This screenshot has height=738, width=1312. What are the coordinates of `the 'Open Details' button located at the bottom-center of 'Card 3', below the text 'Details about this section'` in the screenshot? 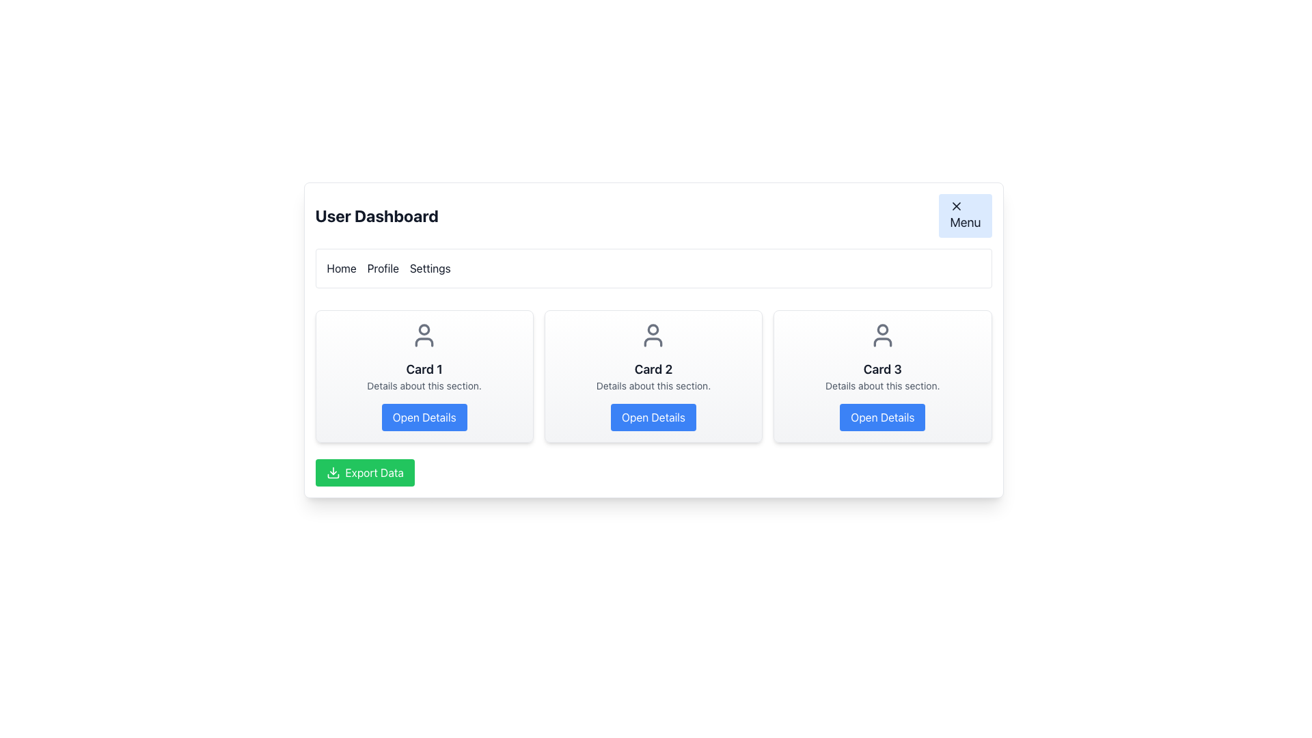 It's located at (882, 416).